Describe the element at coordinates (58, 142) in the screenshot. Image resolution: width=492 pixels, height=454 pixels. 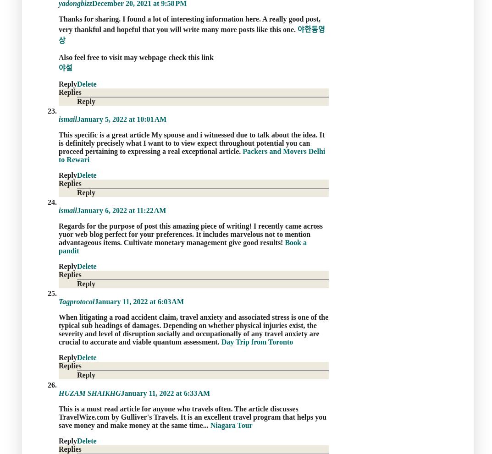
I see `'This specific is a great article My spouse and i witnessed due to talk about the idea. It is definitely precisely what I want to to view expect throughout potential you can proceed pertaining to expressing a real exceptional article.'` at that location.